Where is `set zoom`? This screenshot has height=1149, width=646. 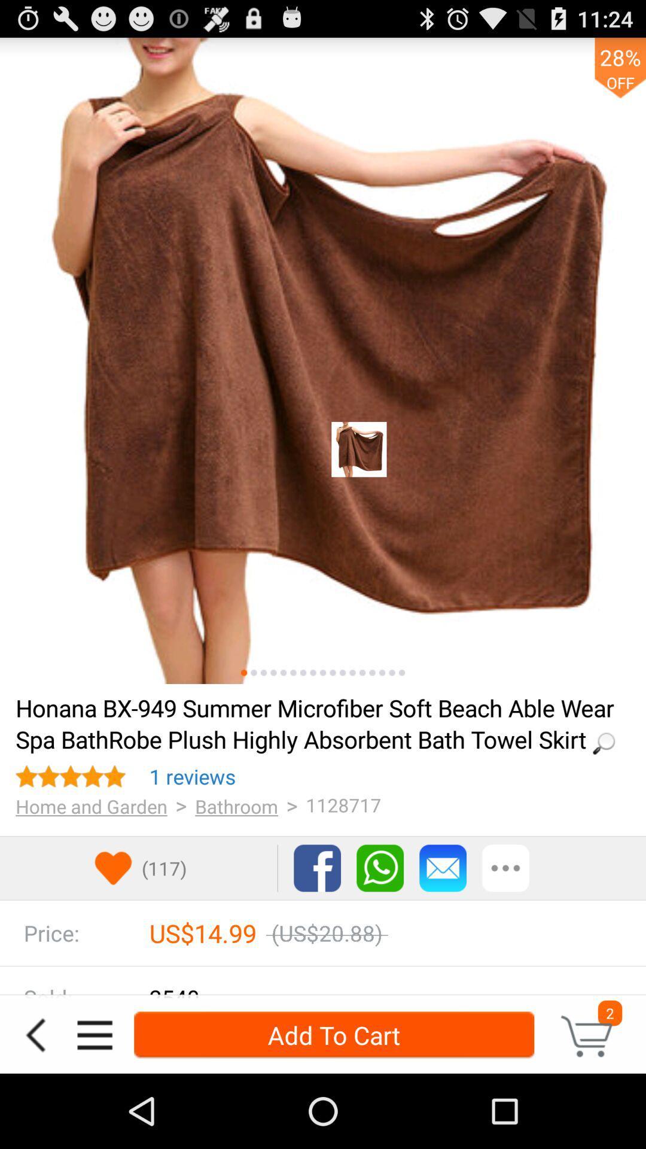
set zoom is located at coordinates (284, 673).